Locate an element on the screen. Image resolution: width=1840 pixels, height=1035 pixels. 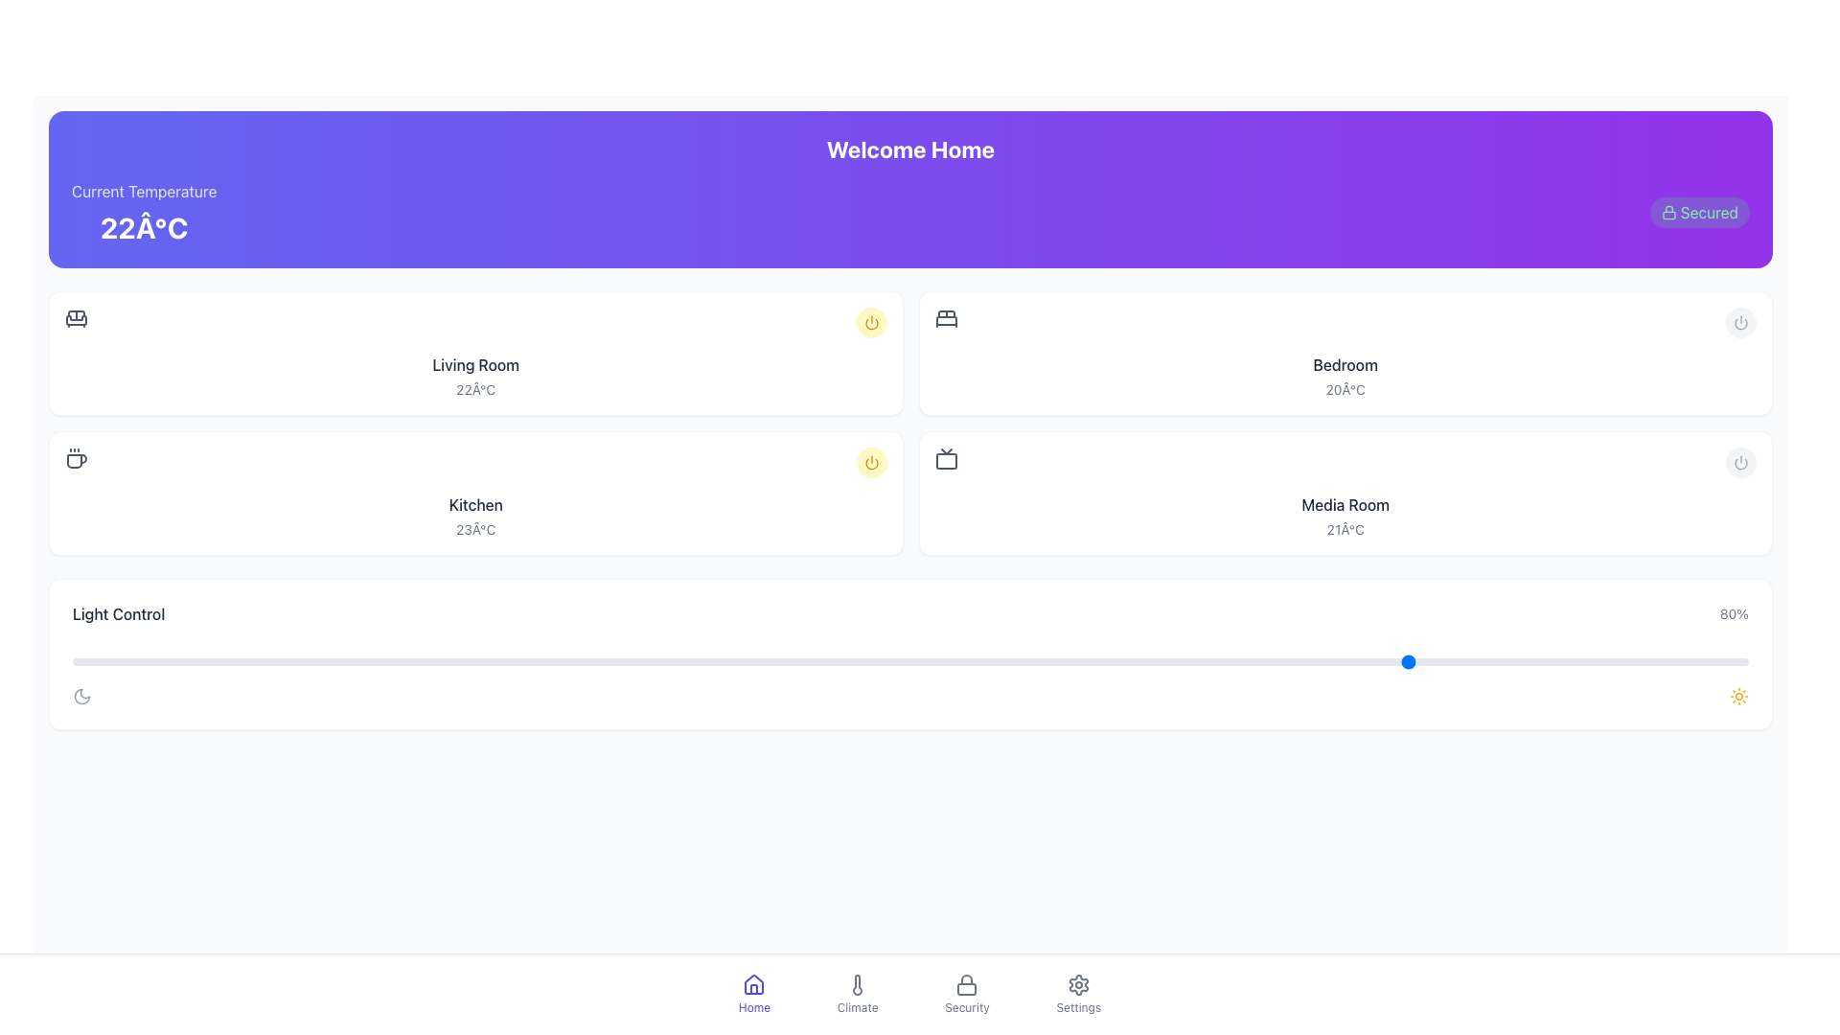
the control button located at the top right corner of the 'Kitchen' section is located at coordinates (870, 462).